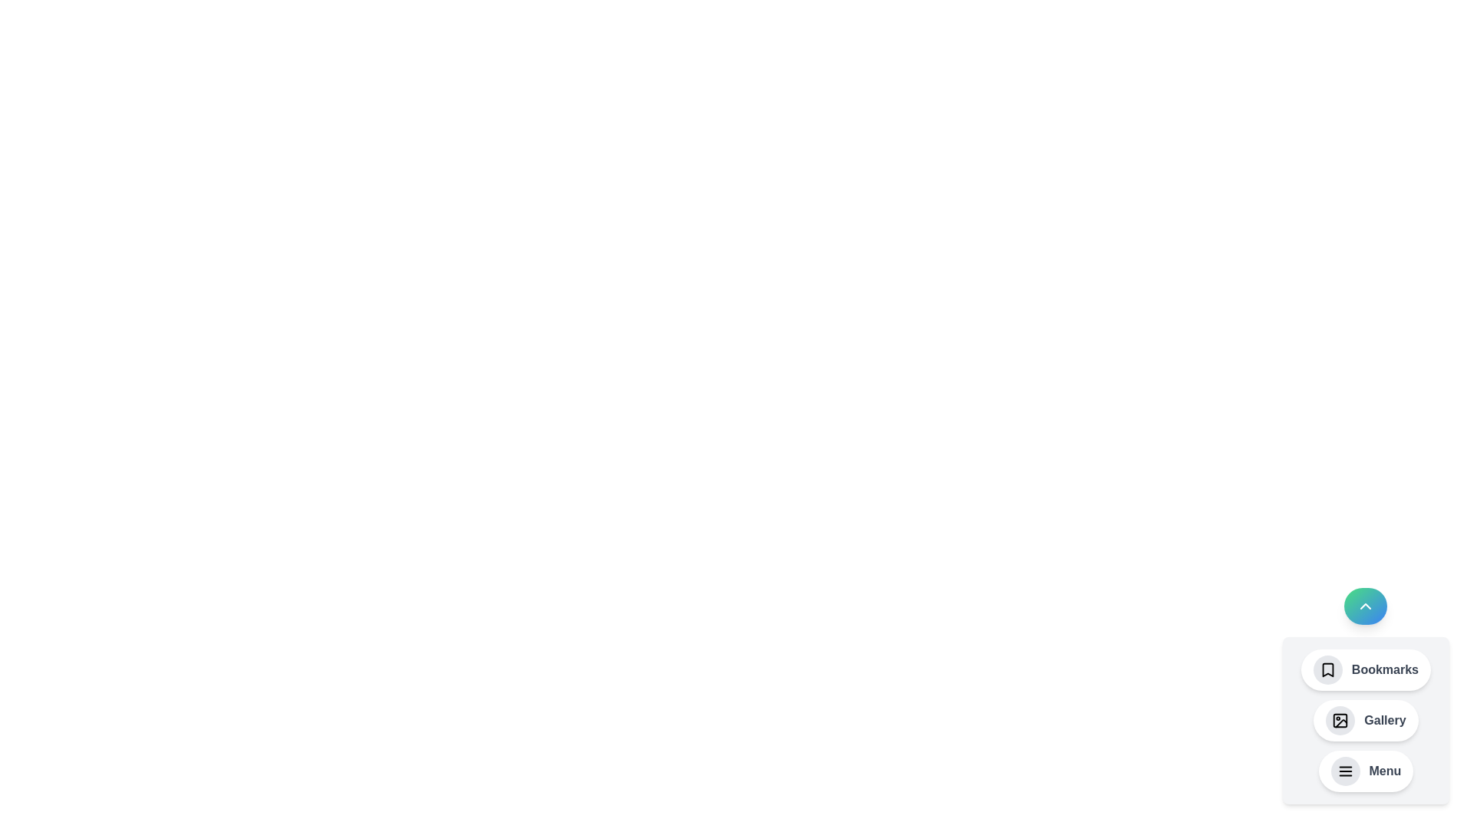 The image size is (1474, 829). I want to click on the 'Gallery' option to open the gallery, so click(1366, 720).